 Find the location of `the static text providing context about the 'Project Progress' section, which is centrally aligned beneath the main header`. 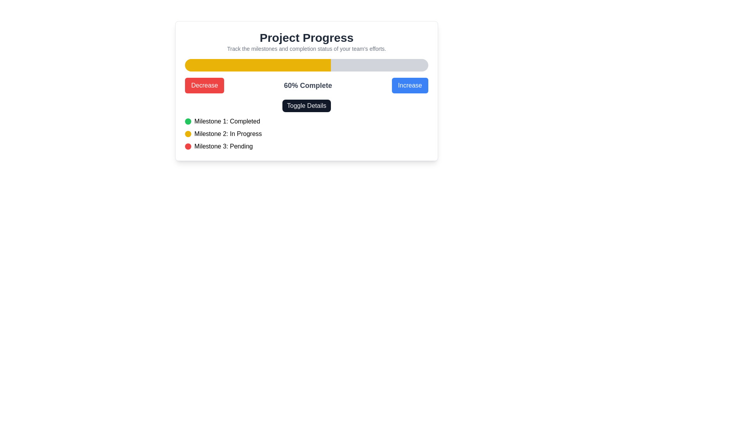

the static text providing context about the 'Project Progress' section, which is centrally aligned beneath the main header is located at coordinates (306, 48).